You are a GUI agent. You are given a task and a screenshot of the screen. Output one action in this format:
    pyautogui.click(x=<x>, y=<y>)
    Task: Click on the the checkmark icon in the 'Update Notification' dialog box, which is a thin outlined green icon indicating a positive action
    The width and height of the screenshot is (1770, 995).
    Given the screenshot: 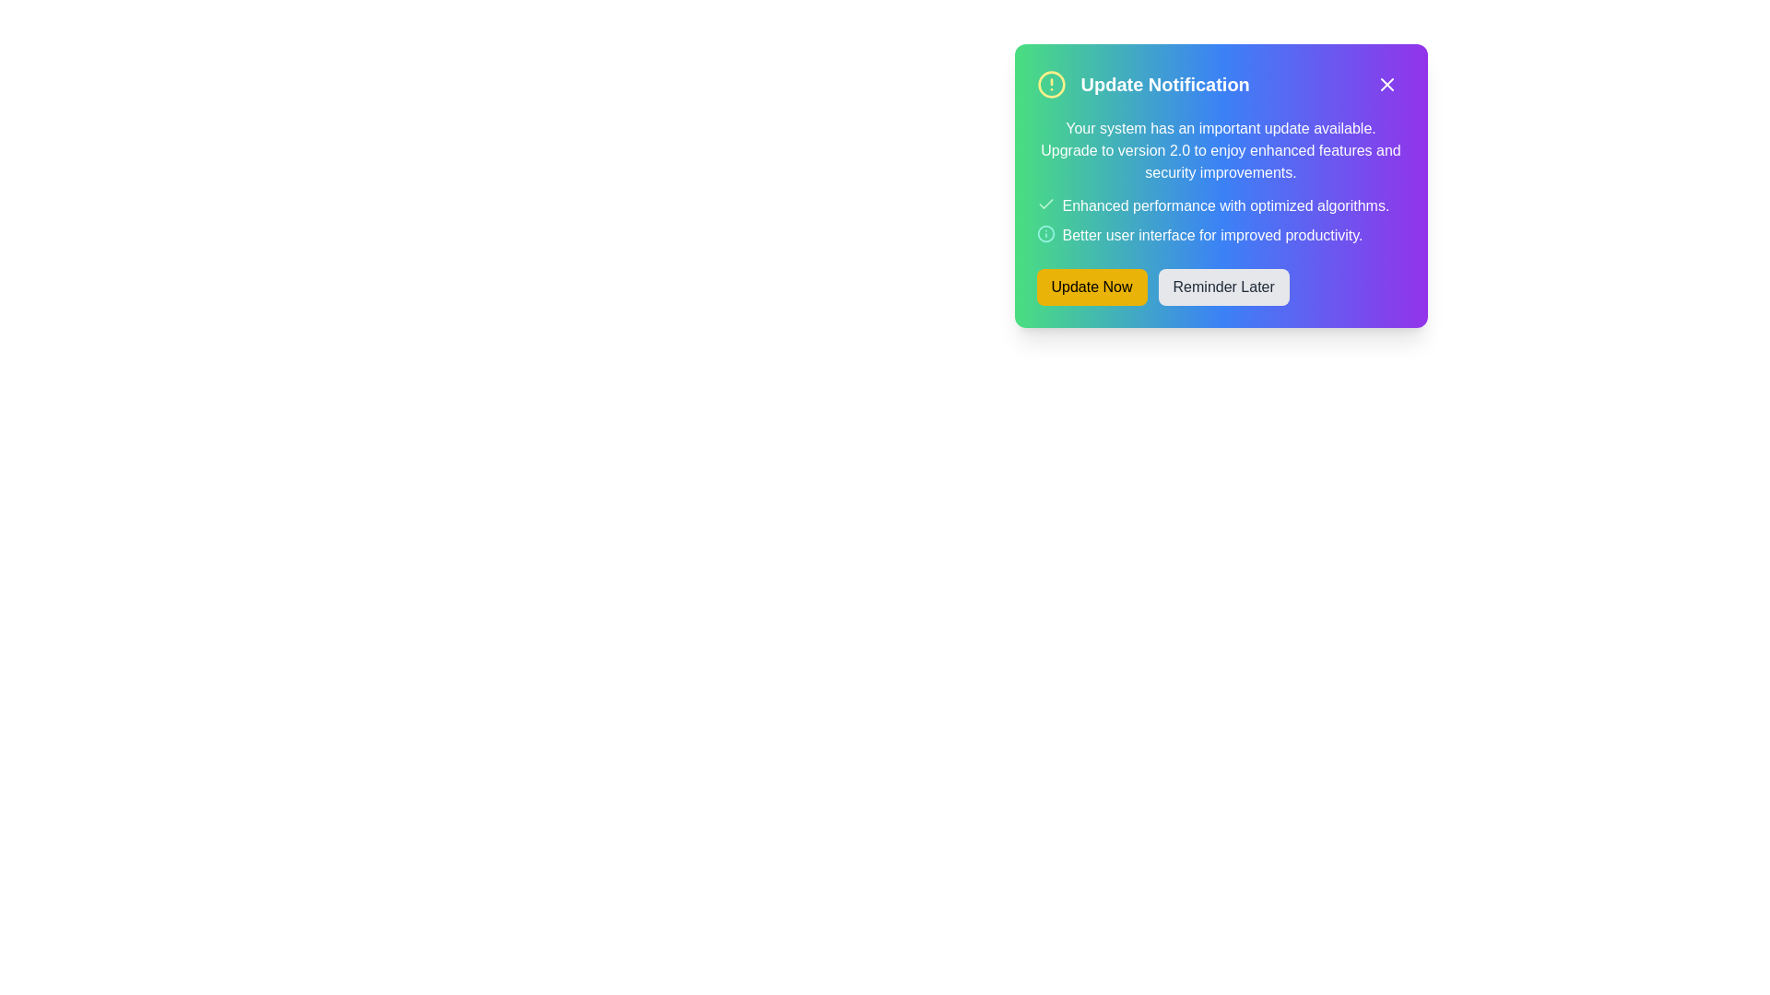 What is the action you would take?
    pyautogui.click(x=1045, y=204)
    